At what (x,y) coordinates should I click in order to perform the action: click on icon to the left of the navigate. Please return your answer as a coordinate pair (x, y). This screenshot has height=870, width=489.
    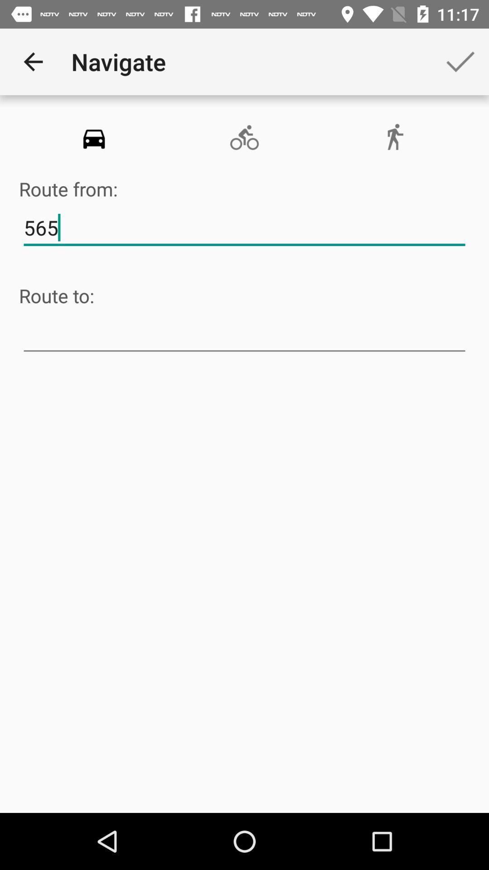
    Looking at the image, I should click on (33, 61).